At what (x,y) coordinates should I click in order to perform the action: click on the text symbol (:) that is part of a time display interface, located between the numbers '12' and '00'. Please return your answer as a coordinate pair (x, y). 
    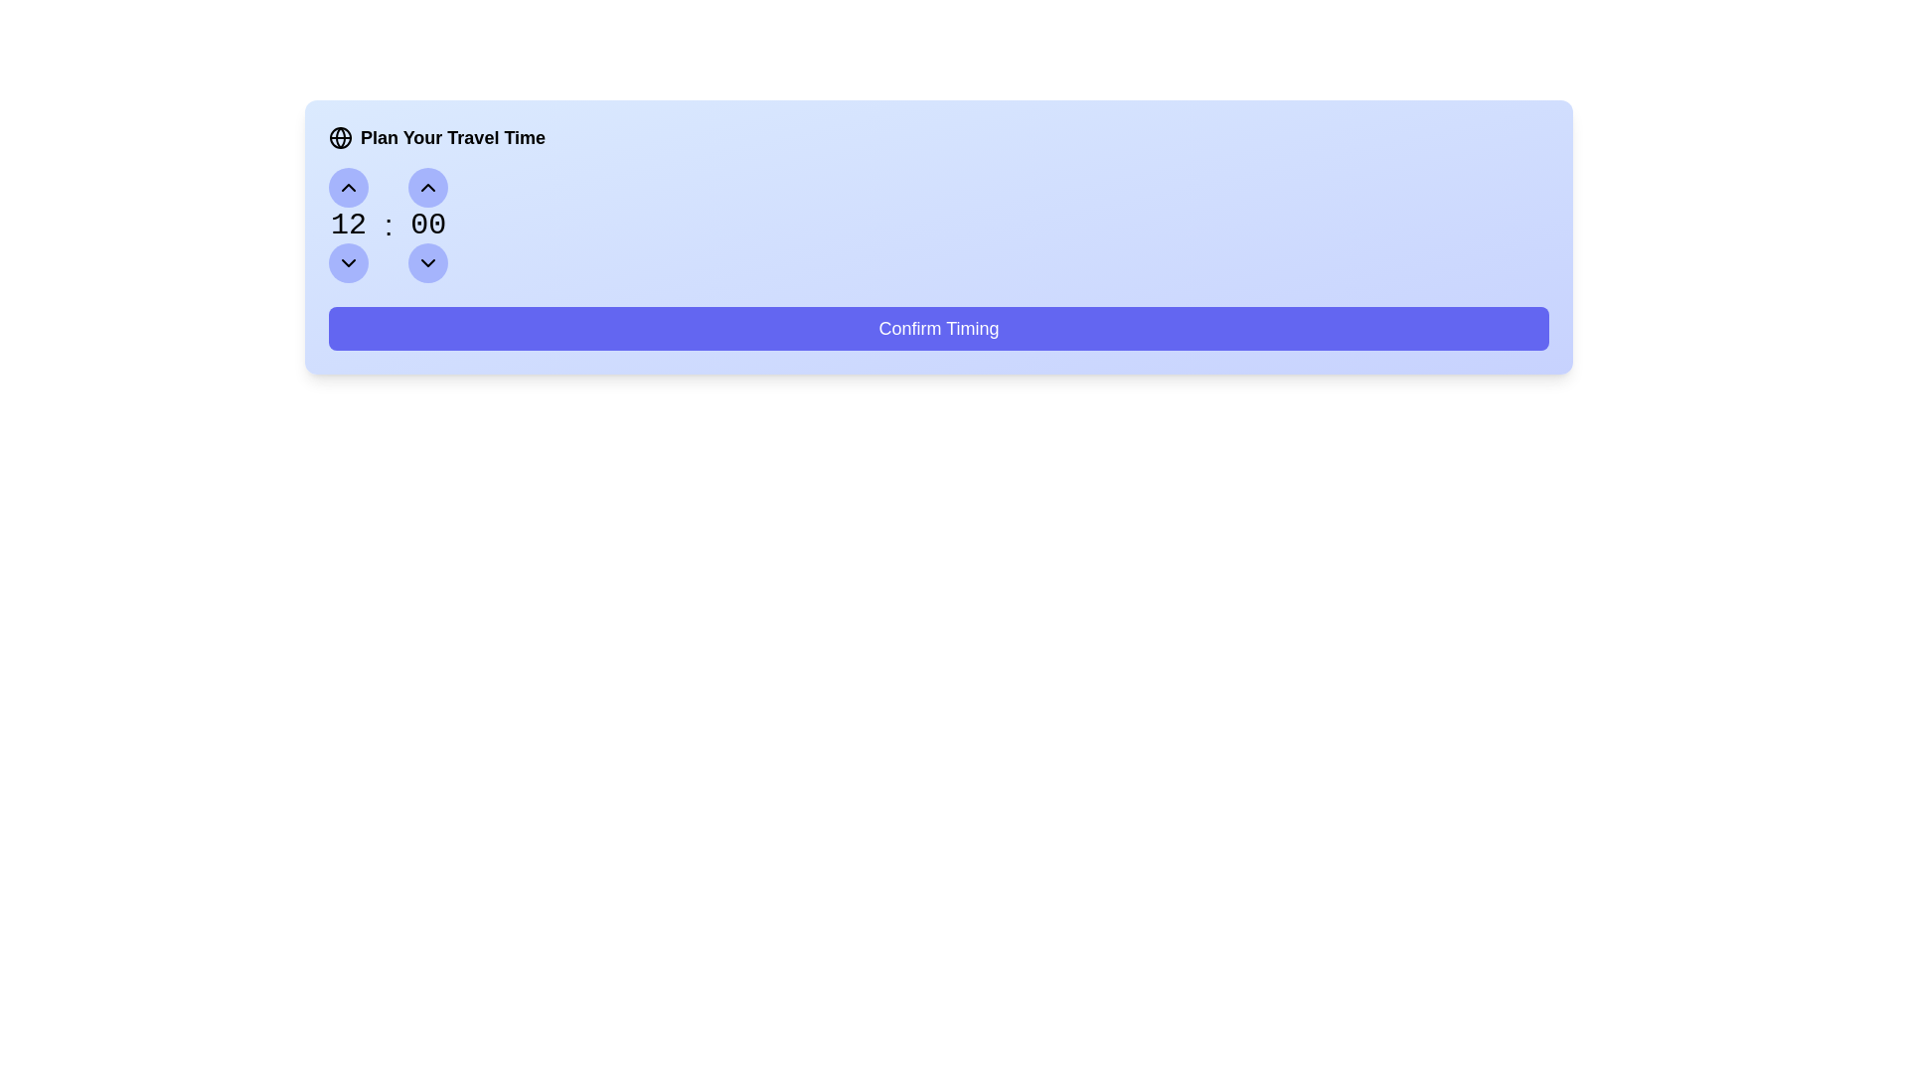
    Looking at the image, I should click on (389, 225).